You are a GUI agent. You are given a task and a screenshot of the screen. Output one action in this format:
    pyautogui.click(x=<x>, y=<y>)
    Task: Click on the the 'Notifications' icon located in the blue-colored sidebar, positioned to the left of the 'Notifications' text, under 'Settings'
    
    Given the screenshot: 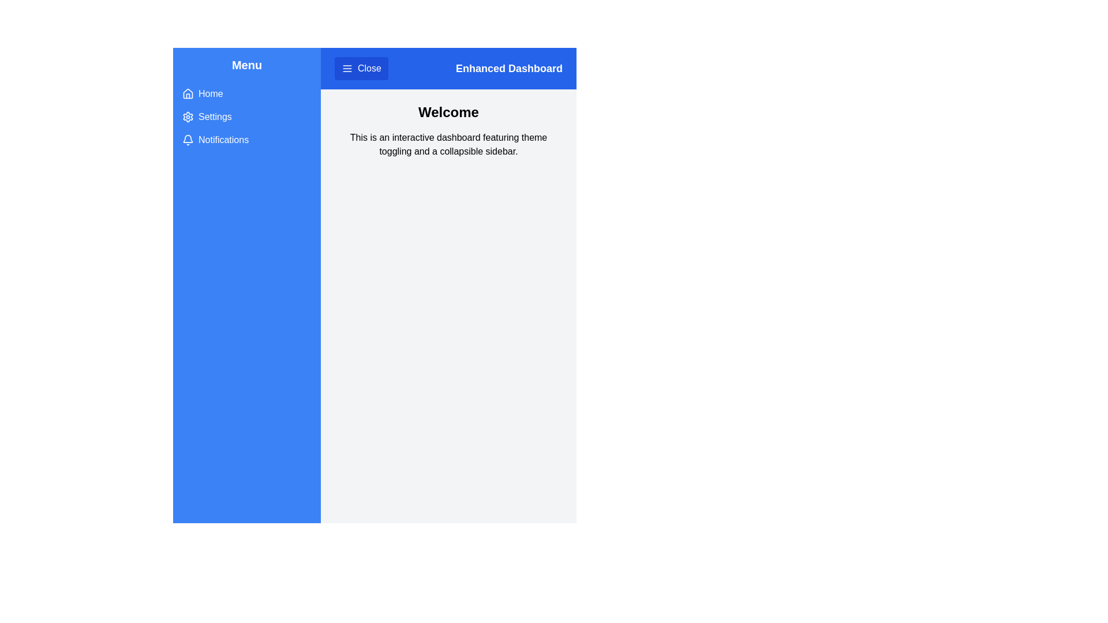 What is the action you would take?
    pyautogui.click(x=188, y=140)
    